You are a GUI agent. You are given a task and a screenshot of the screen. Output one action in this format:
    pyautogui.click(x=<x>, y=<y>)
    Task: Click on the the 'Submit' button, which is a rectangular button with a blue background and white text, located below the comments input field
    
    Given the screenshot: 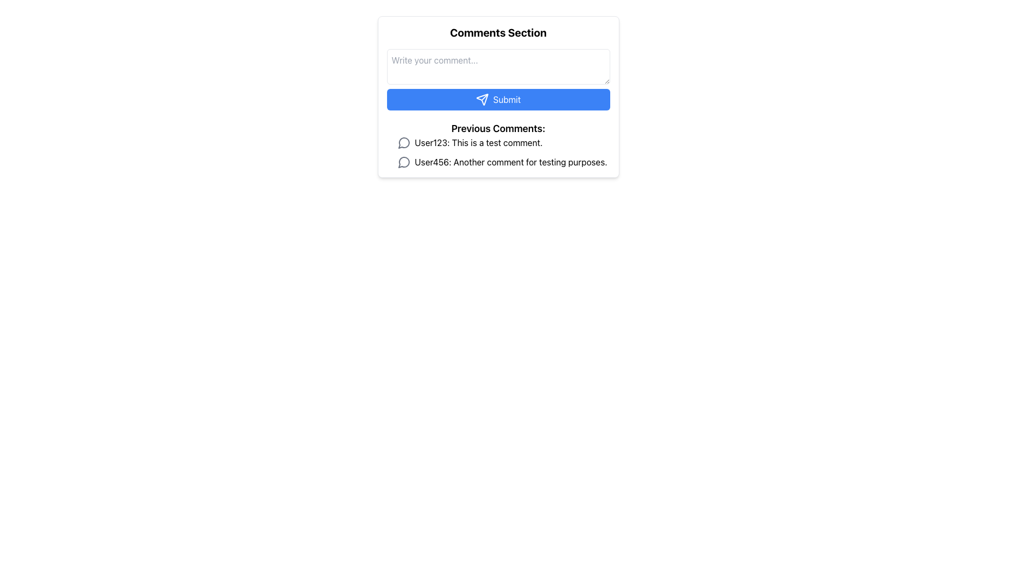 What is the action you would take?
    pyautogui.click(x=498, y=100)
    